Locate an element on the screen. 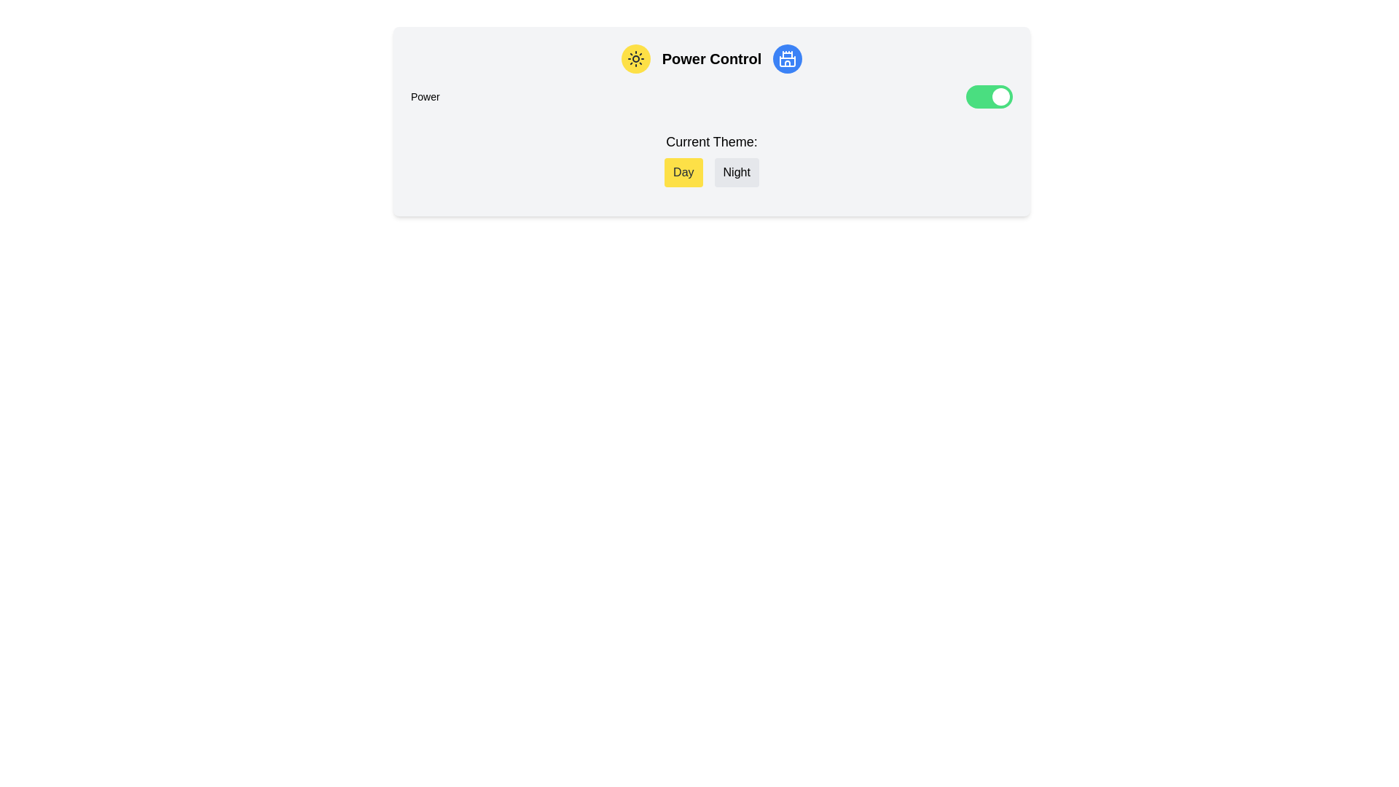 The image size is (1399, 787). the 'Power Control' label which features a yellow sun icon on the left and a blue castle icon on the right, located at the top-middle section of the interface is located at coordinates (711, 58).